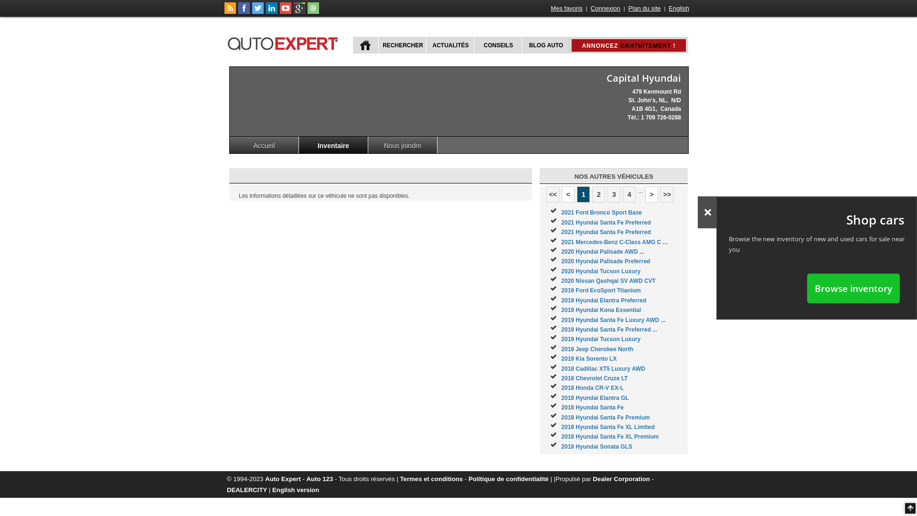 This screenshot has height=516, width=917. What do you see at coordinates (271, 11) in the screenshot?
I see `'Suivez Publications Le Guide Inc. sur LinkedIn'` at bounding box center [271, 11].